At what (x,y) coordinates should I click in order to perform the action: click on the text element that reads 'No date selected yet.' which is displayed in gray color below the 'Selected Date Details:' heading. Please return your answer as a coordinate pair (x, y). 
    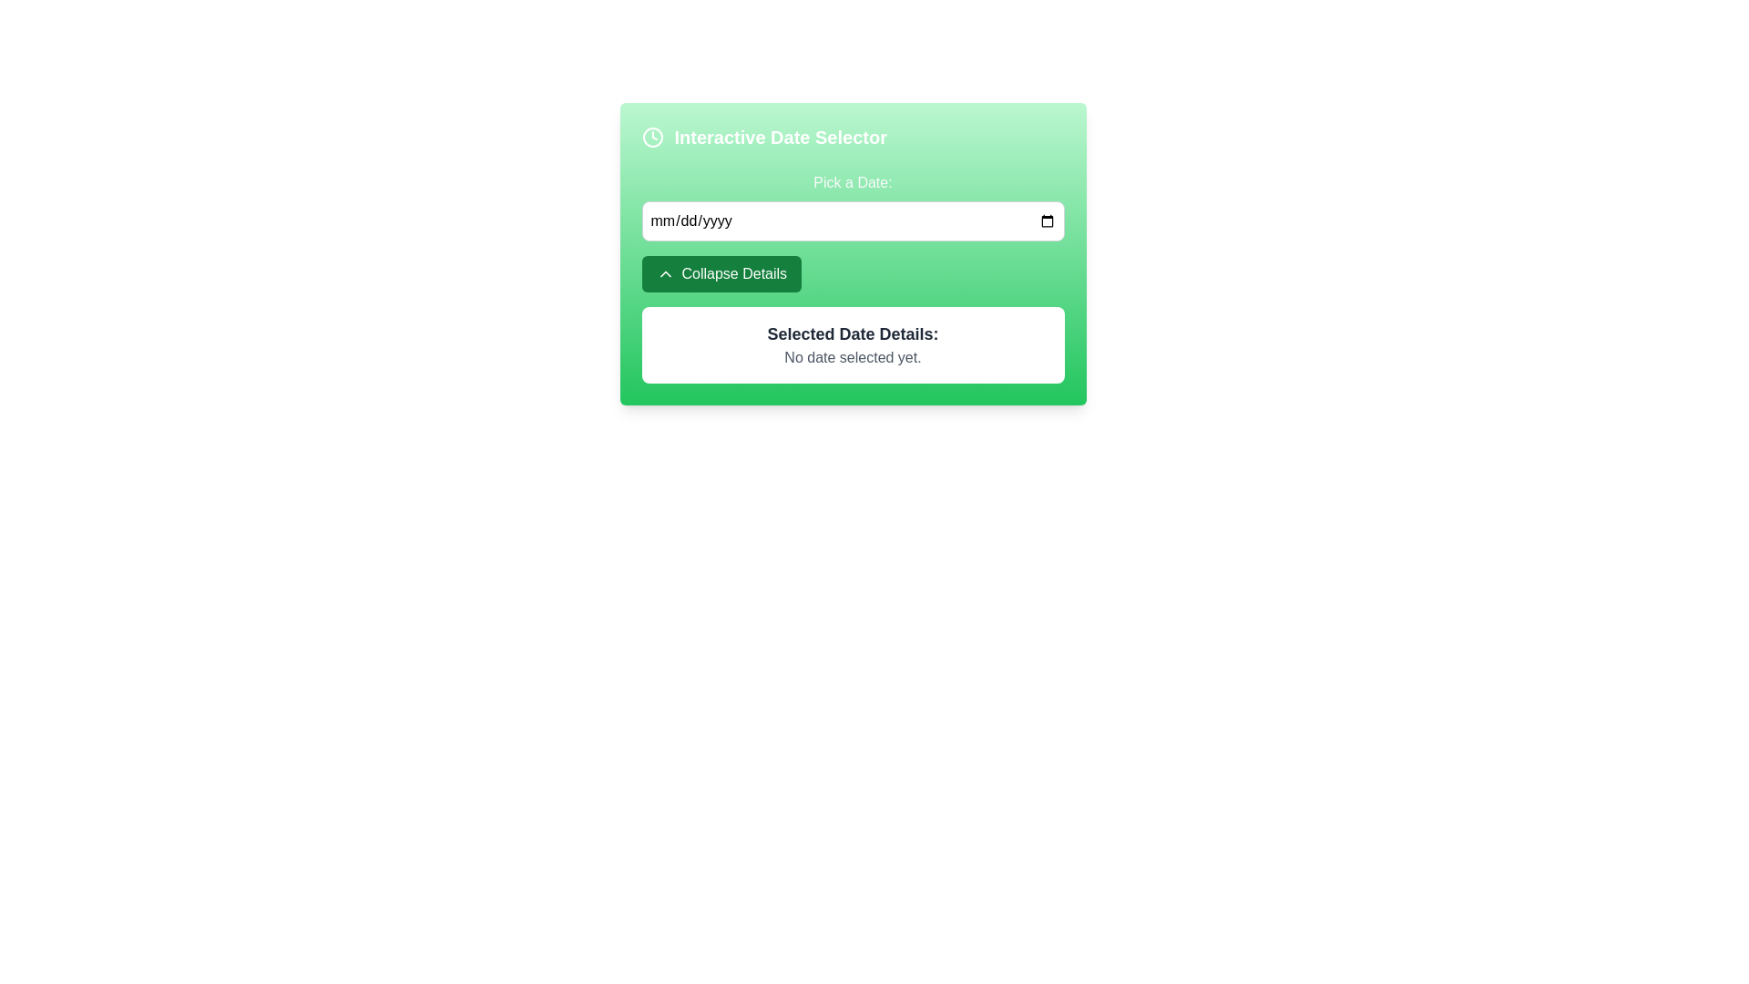
    Looking at the image, I should click on (852, 358).